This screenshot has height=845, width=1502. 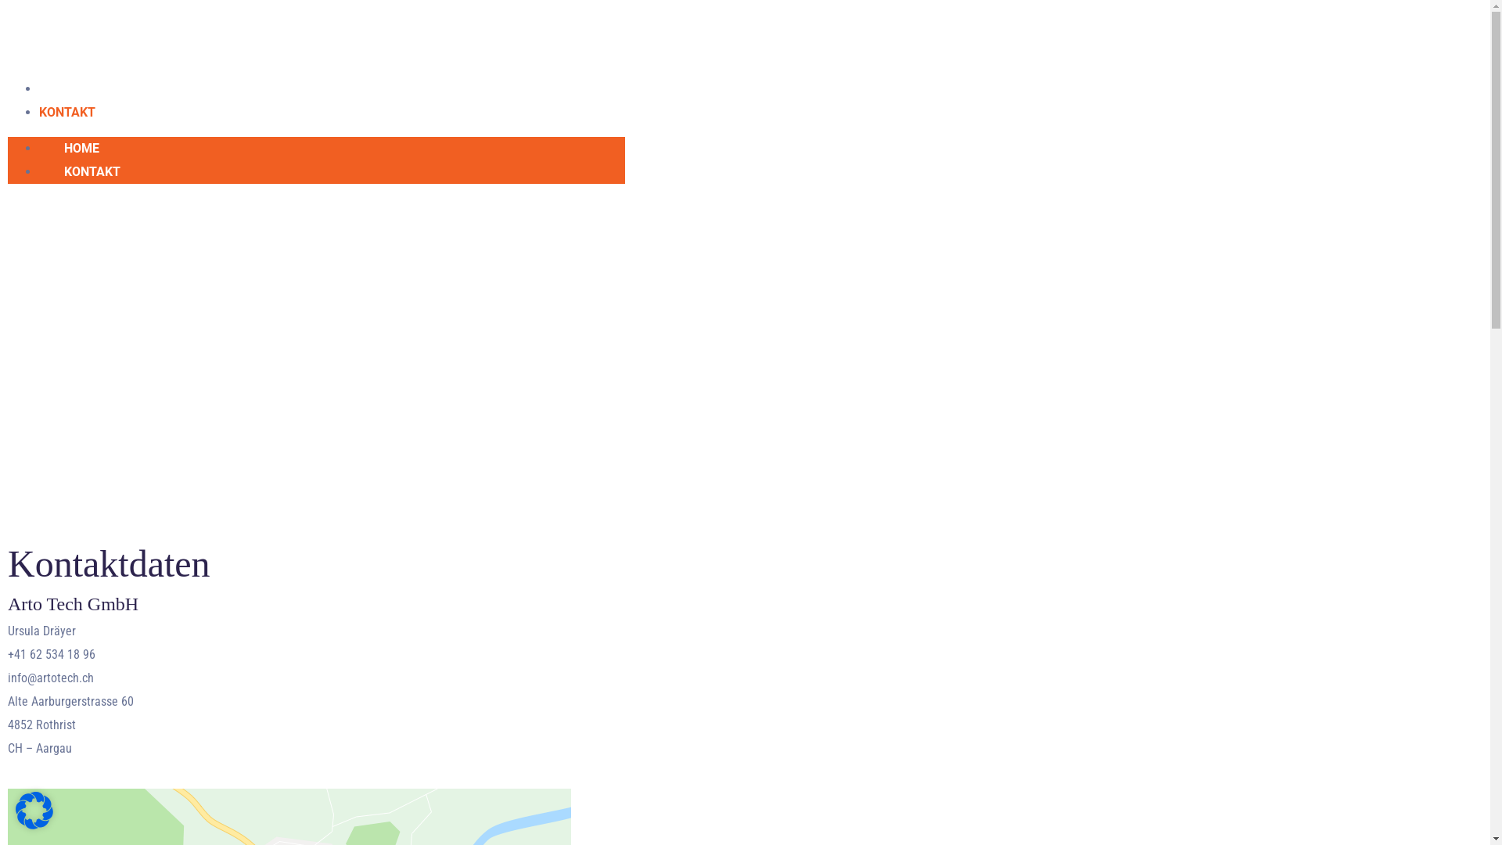 What do you see at coordinates (81, 148) in the screenshot?
I see `'HOME'` at bounding box center [81, 148].